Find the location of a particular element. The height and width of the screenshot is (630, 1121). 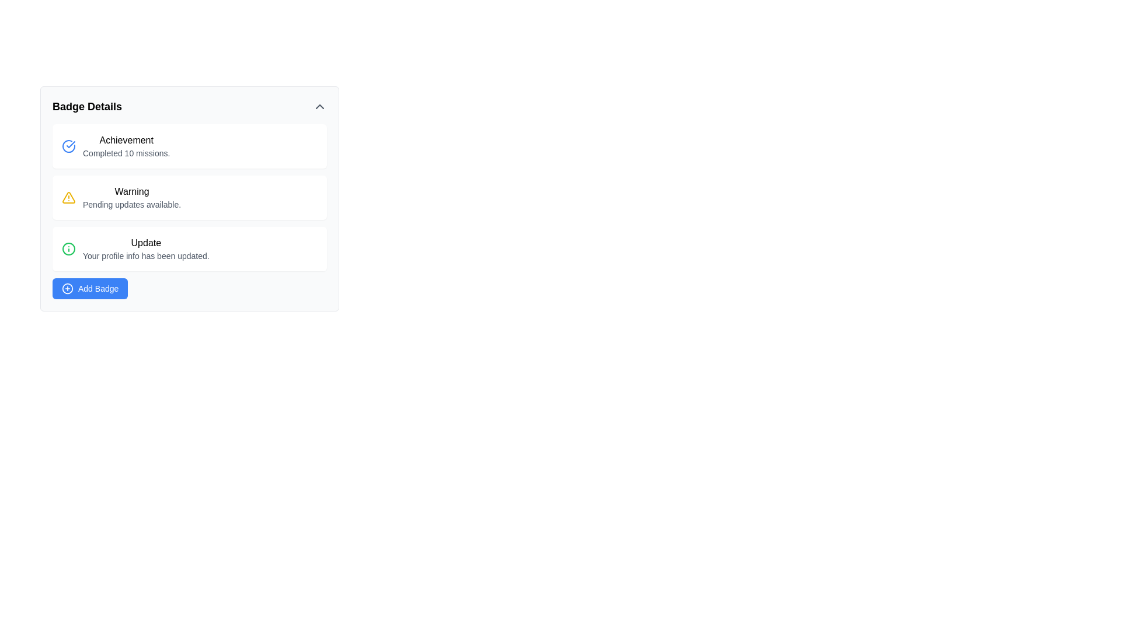

the text label that reads 'Your profile info has been updated.', which is styled with a smaller font size and gray color, located beneath the 'Update' section in the 'Badge Details' panel is located at coordinates (145, 256).